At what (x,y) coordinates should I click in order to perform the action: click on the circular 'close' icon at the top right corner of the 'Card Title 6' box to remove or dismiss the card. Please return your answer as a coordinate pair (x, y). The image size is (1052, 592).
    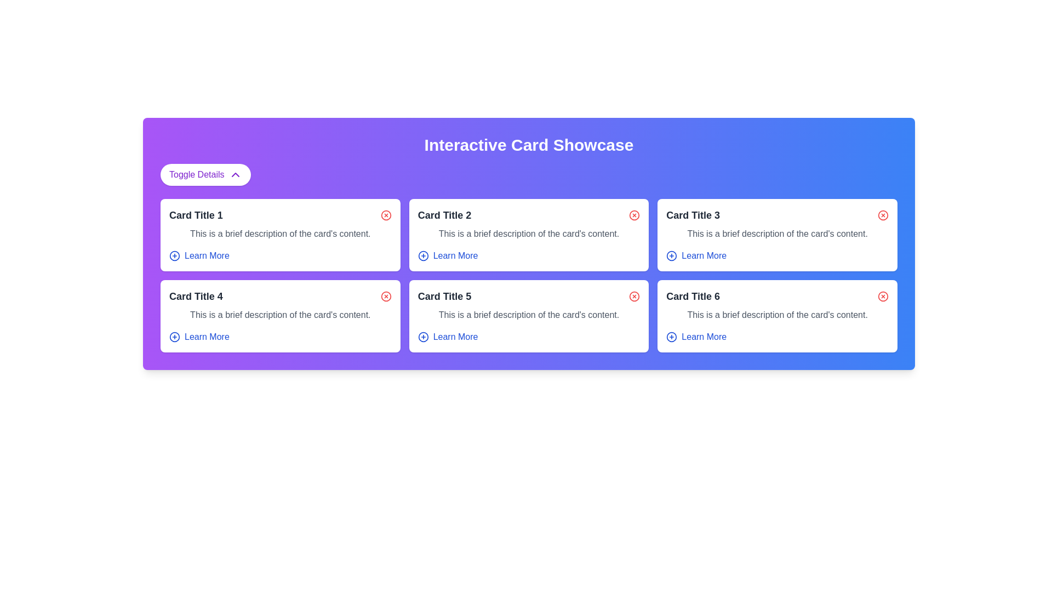
    Looking at the image, I should click on (883, 296).